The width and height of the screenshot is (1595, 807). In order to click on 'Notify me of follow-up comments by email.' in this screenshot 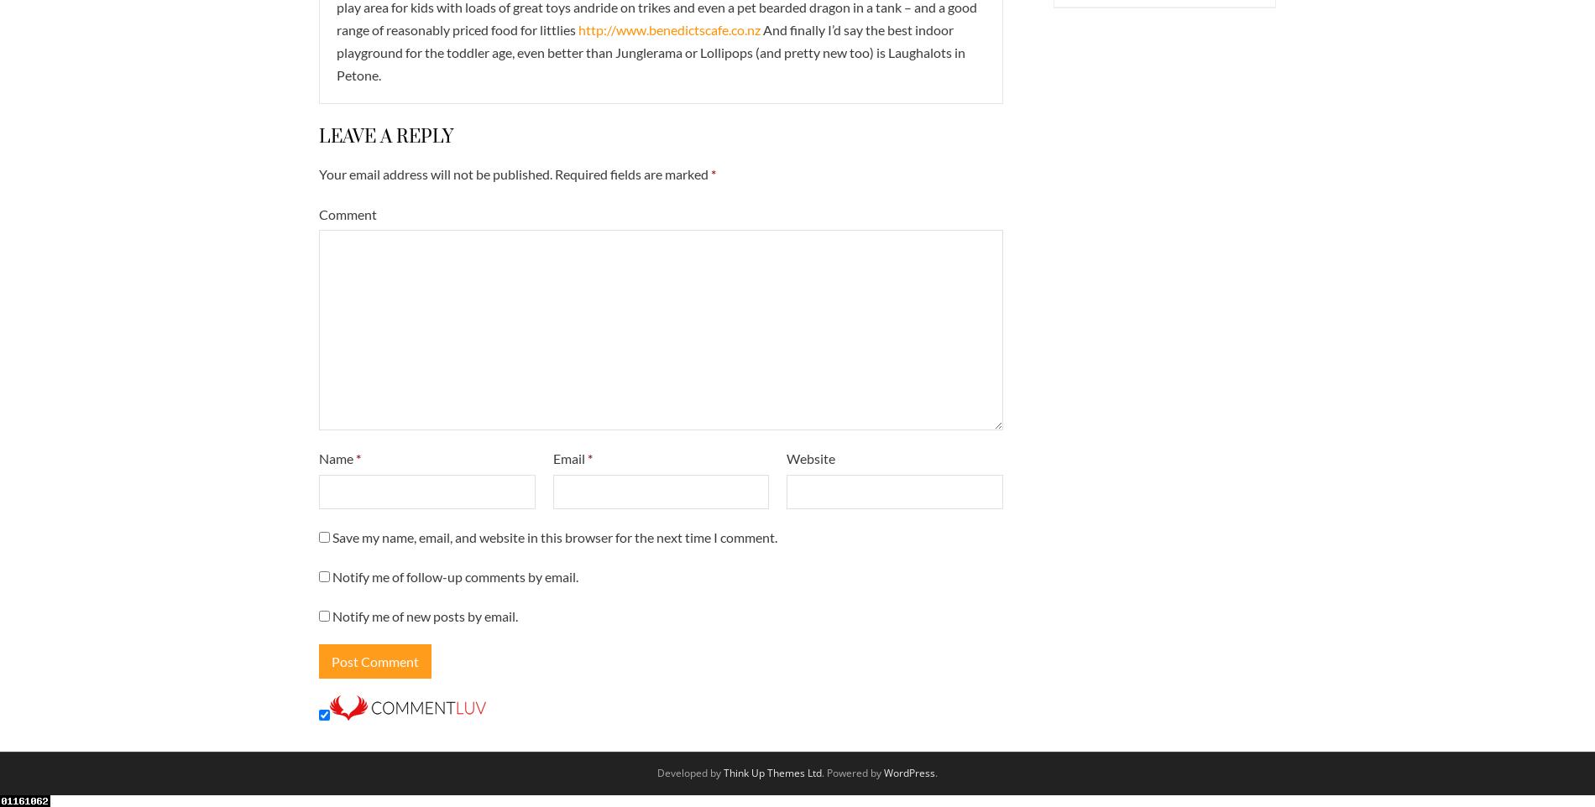, I will do `click(455, 575)`.